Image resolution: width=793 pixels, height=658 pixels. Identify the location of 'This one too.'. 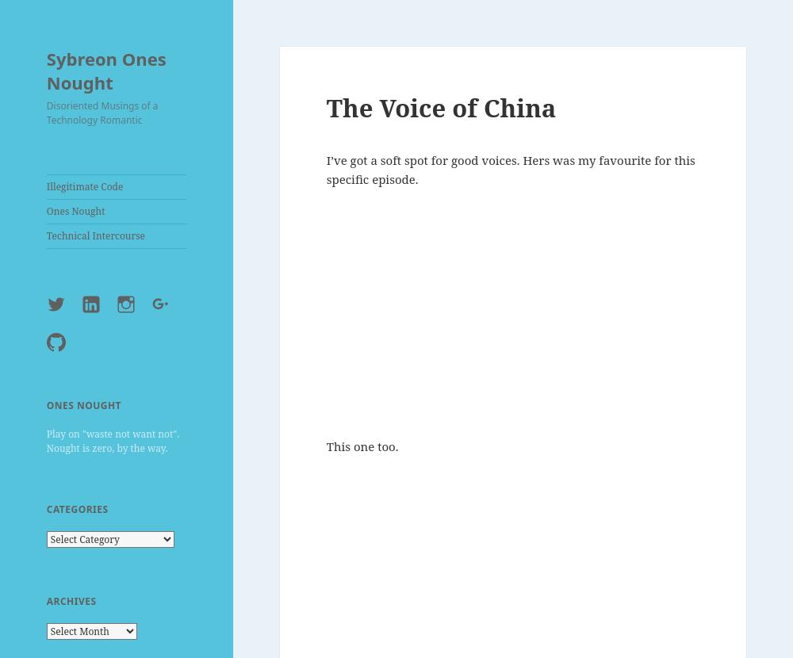
(361, 444).